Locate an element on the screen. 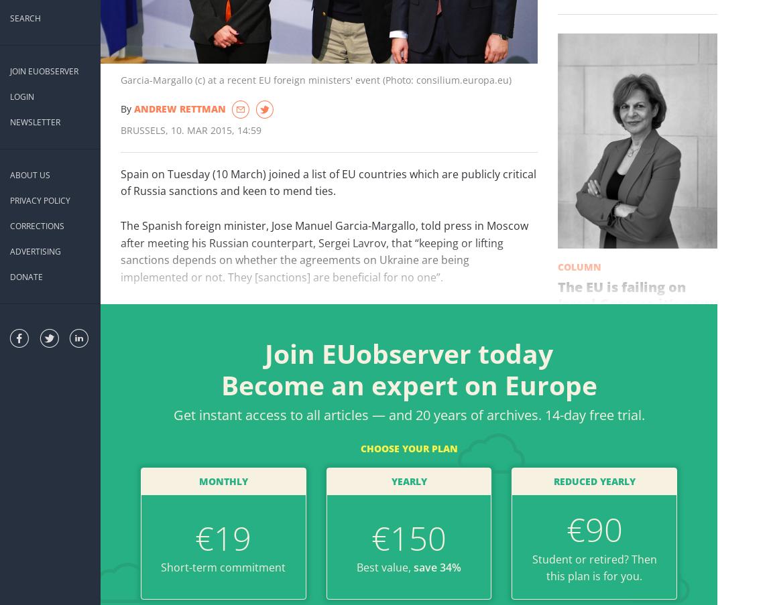 The image size is (771, 605). 'New centrist party may hold cards in Spanish politics' is located at coordinates (241, 525).